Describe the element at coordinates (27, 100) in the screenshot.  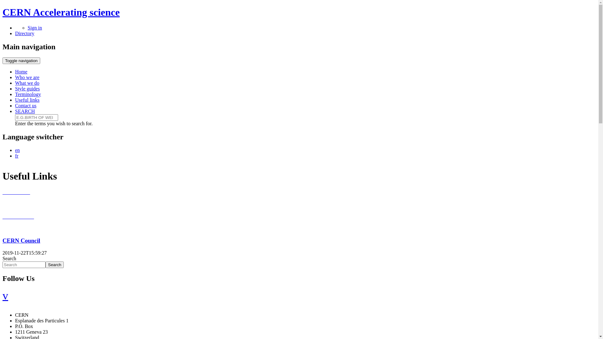
I see `'Useful links'` at that location.